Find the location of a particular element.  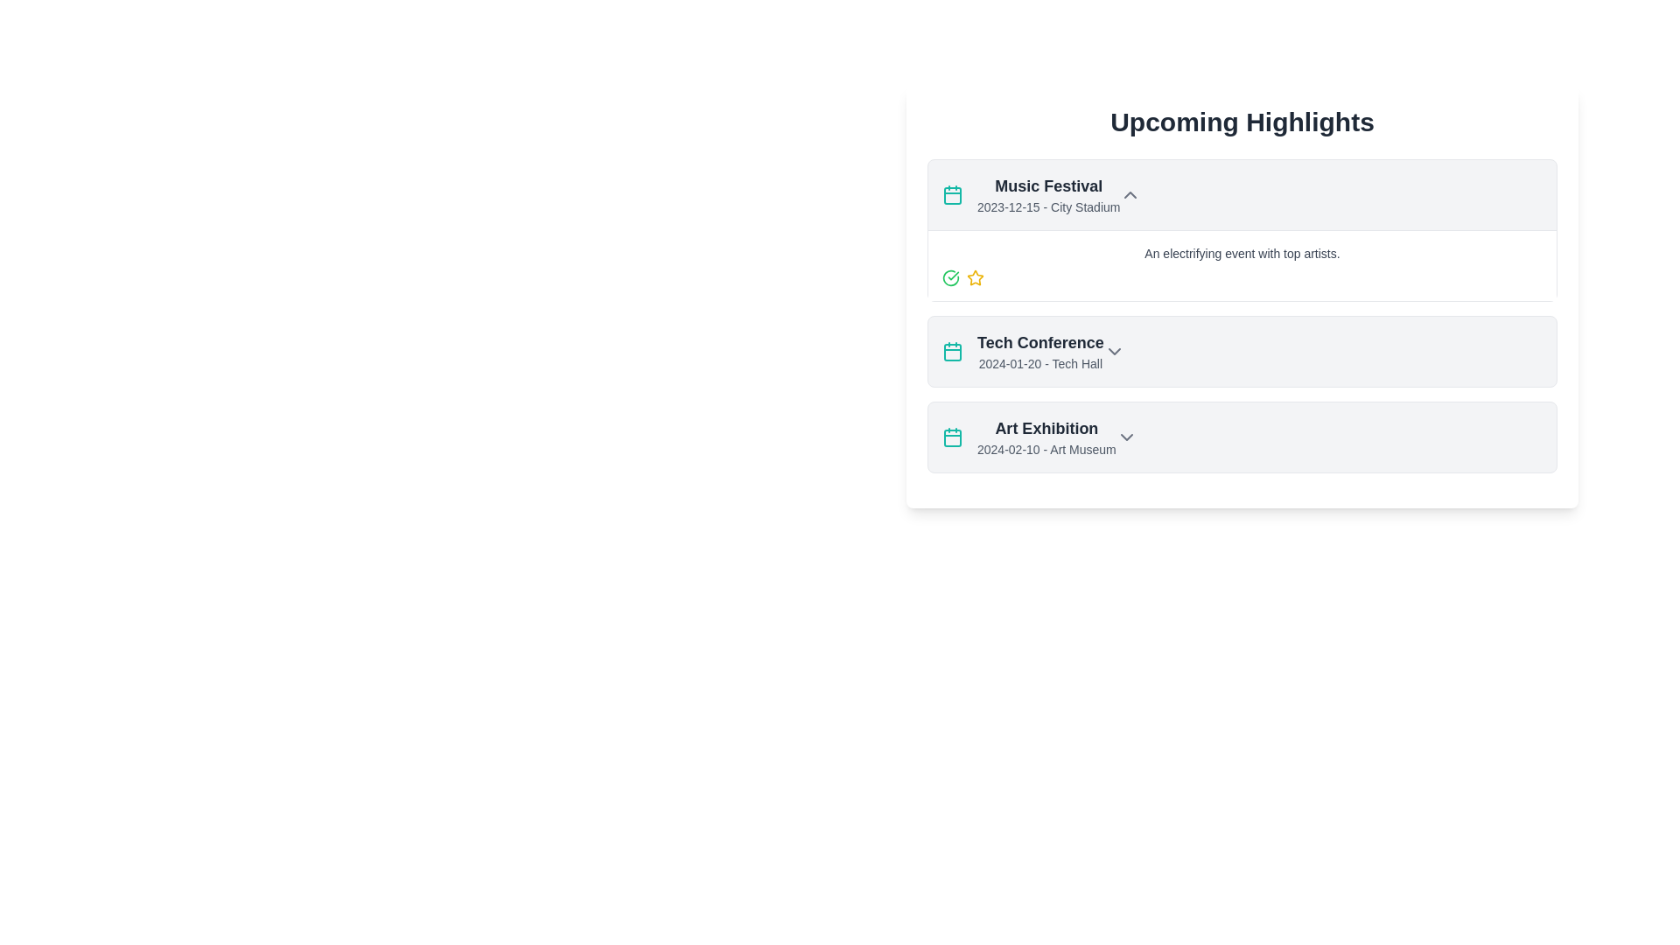

the text label '2024-01-20 - Tech Hall' which is styled in a smaller gray font and located below the title 'Tech Conference' within the event card for the Tech Conference is located at coordinates (1040, 363).